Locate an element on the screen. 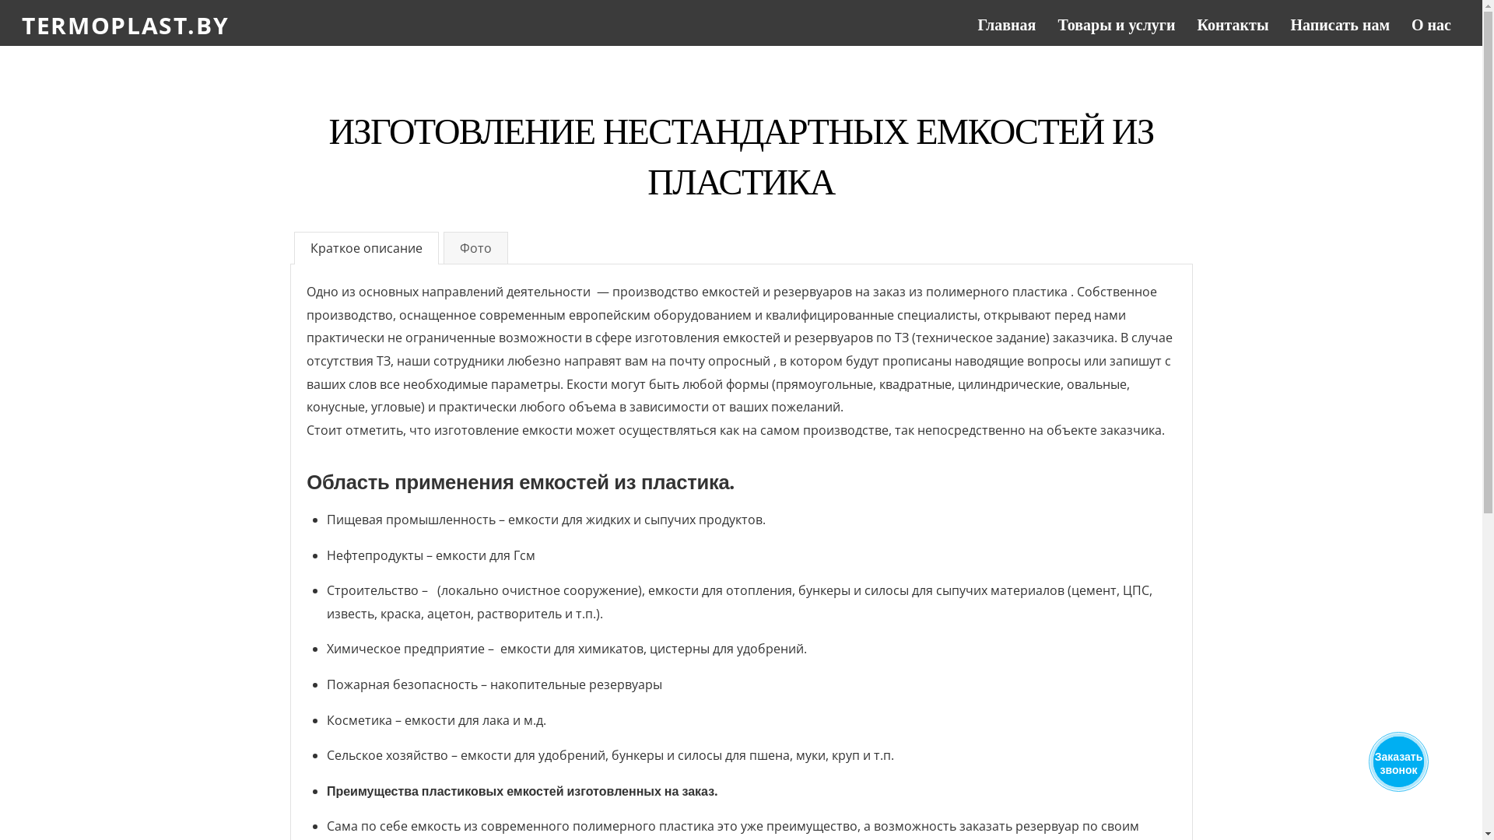  'TERMOPLAST.BY' is located at coordinates (125, 25).